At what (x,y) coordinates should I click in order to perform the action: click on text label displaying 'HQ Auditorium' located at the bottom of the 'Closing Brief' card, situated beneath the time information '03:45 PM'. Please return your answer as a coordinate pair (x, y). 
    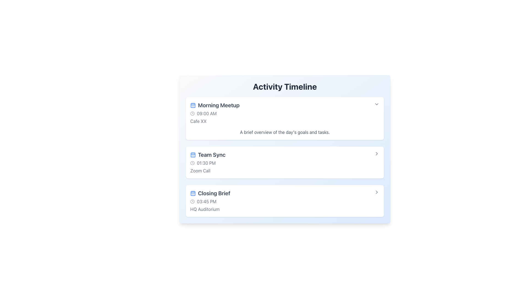
    Looking at the image, I should click on (210, 209).